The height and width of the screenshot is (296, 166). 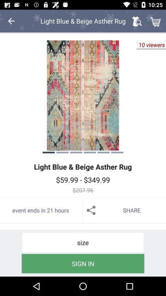 I want to click on the item to the right of light blue beige item, so click(x=137, y=21).